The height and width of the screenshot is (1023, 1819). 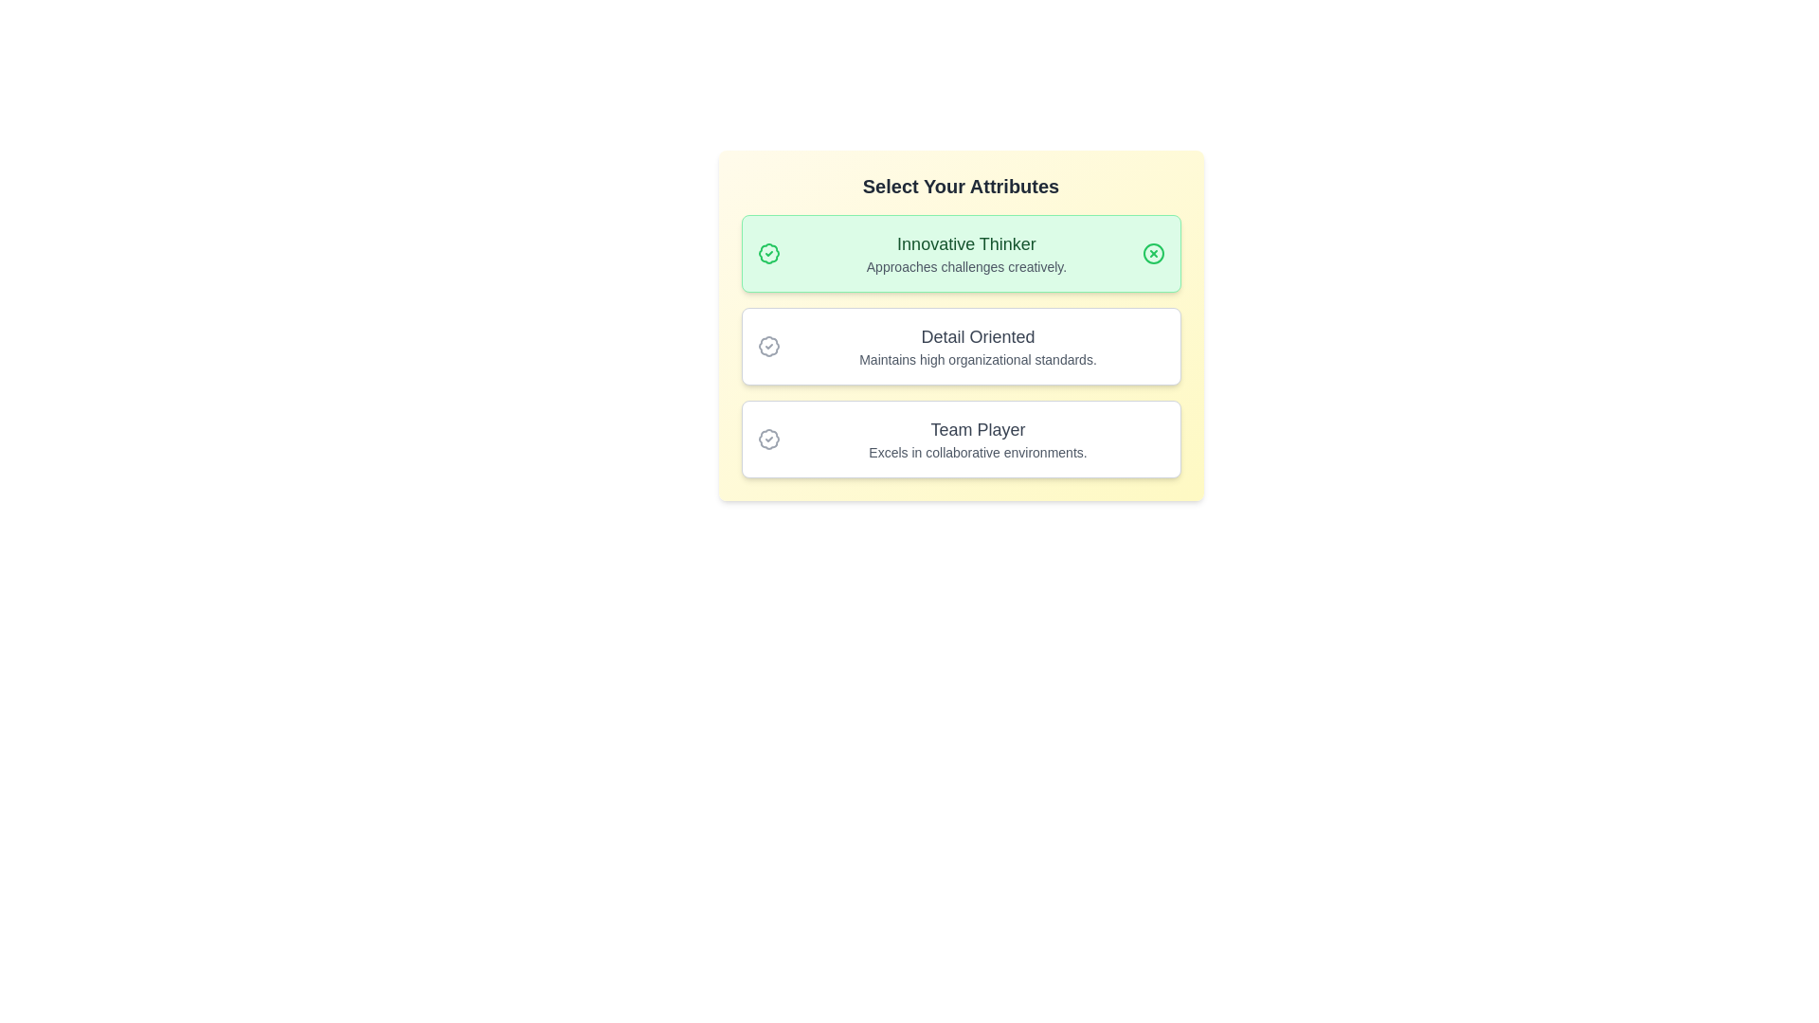 I want to click on the badge Detail Oriented, so click(x=961, y=347).